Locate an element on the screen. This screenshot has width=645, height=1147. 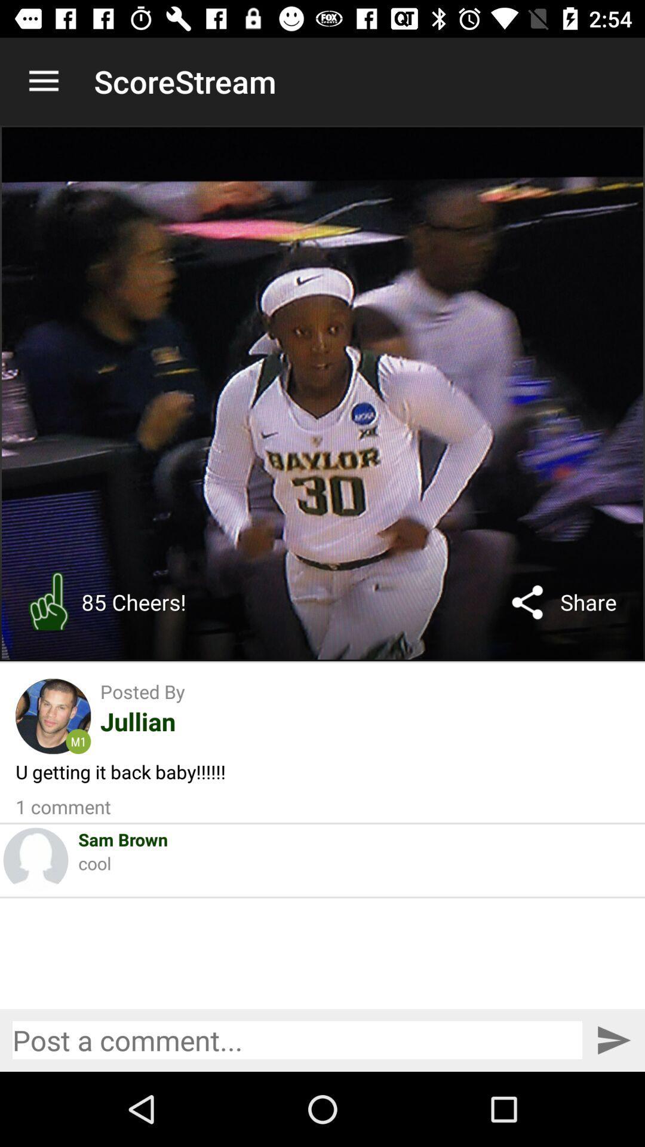
post a comment is located at coordinates (296, 1039).